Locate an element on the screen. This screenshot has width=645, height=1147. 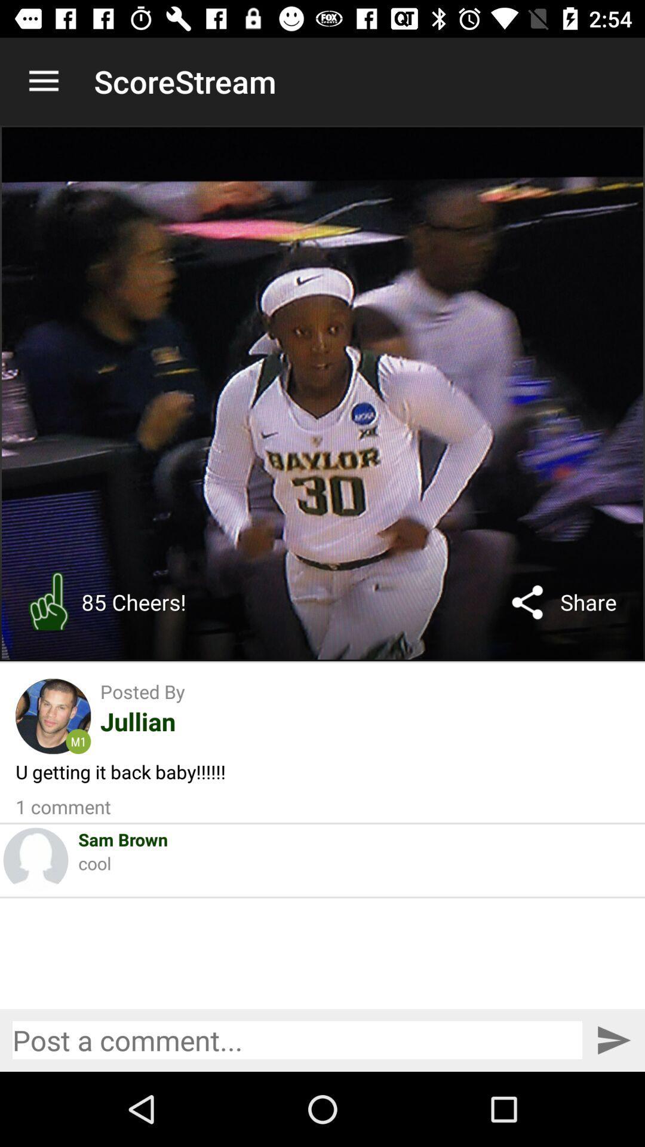
post a comment is located at coordinates (296, 1039).